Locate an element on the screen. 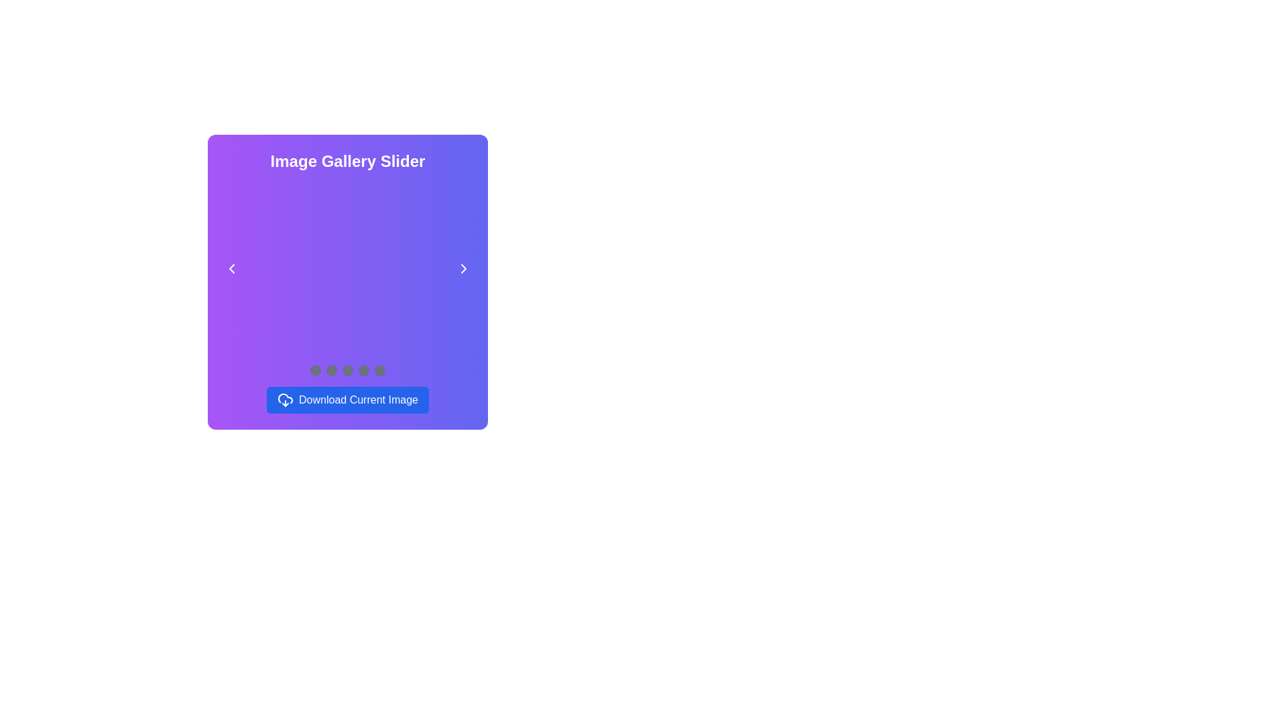 The image size is (1287, 724). the fourth circular Indicator Dot in the carousel pagination system located below the main content area is located at coordinates (363, 370).